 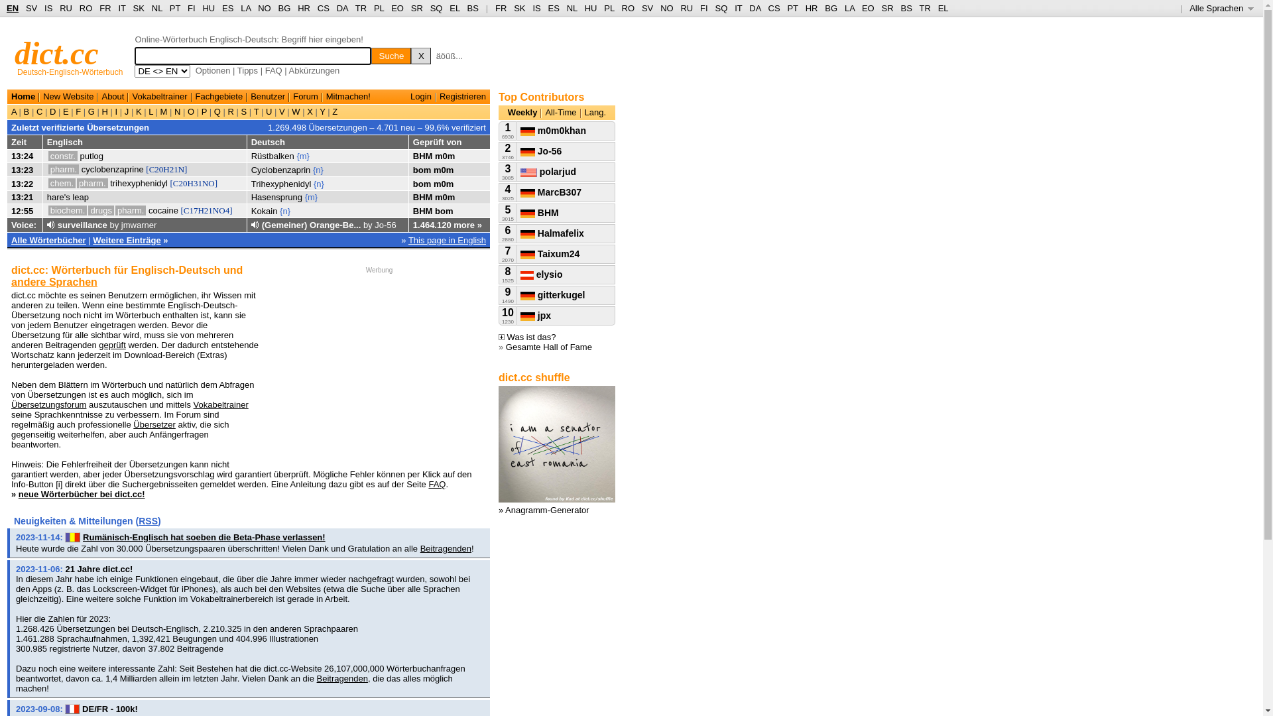 I want to click on 'jpx', so click(x=535, y=315).